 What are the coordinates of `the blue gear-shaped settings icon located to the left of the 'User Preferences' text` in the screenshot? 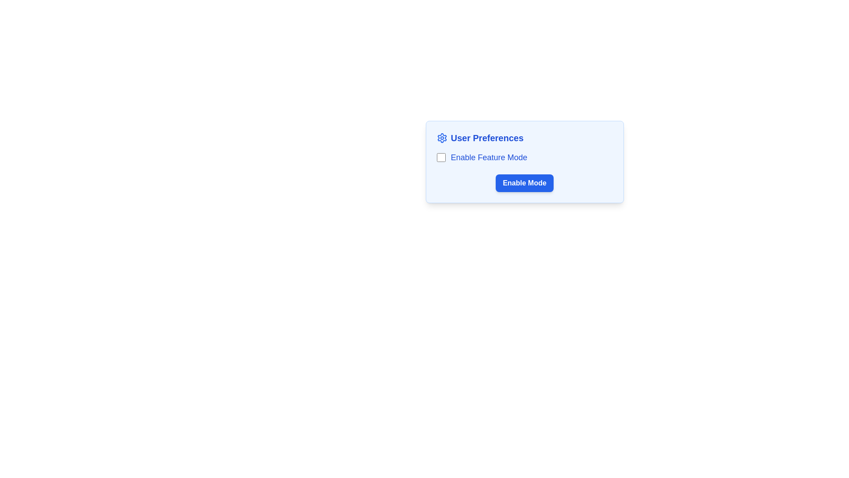 It's located at (442, 138).